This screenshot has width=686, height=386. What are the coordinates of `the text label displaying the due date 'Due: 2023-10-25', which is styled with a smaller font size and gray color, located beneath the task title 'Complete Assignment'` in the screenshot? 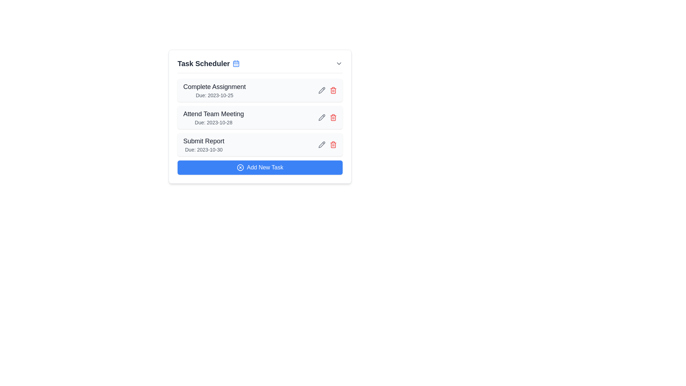 It's located at (214, 95).